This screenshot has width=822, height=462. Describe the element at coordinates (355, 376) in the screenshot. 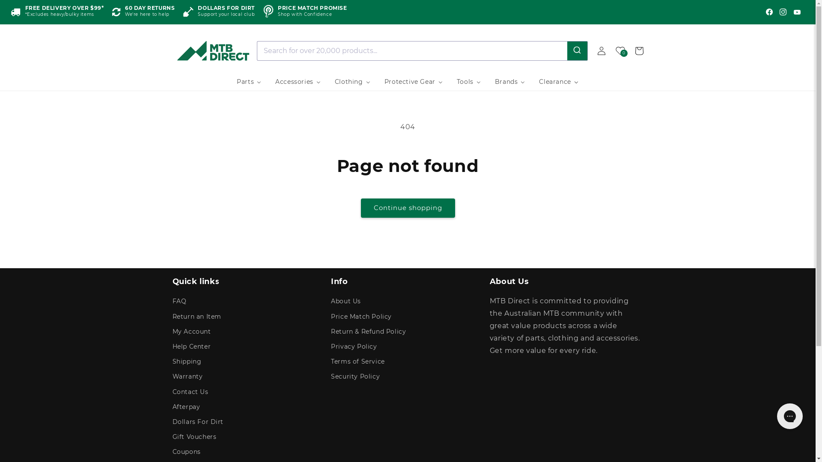

I see `'Security Policy'` at that location.